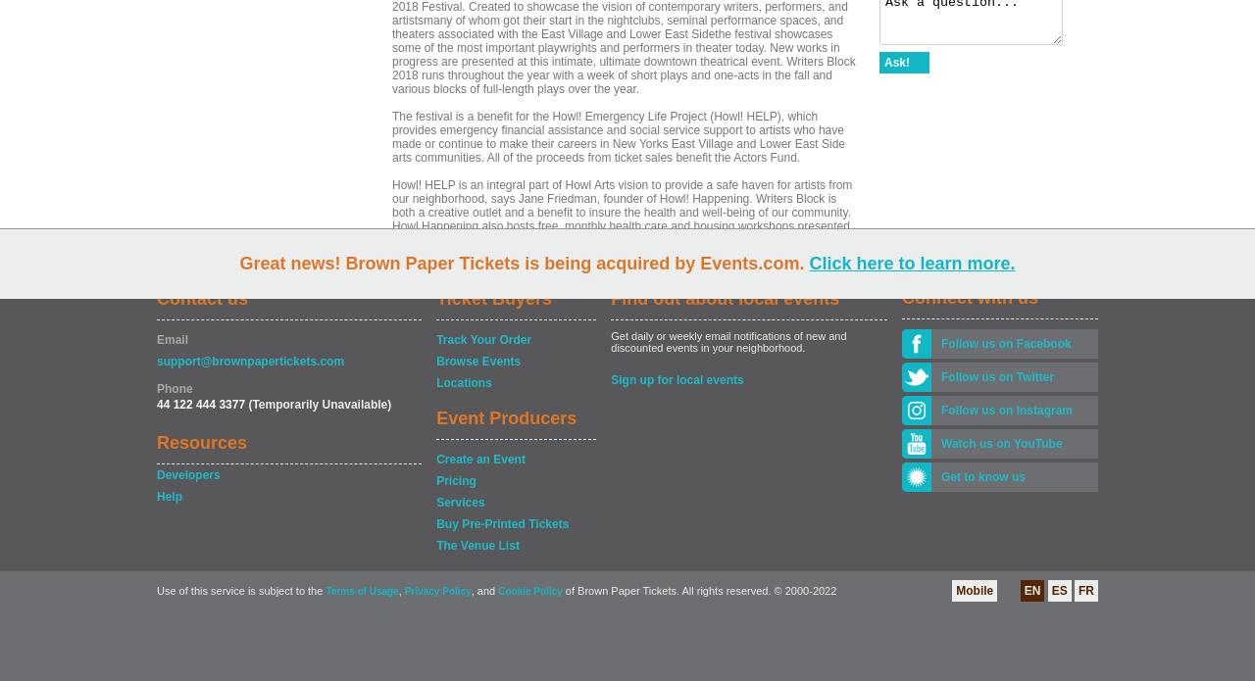  Describe the element at coordinates (621, 211) in the screenshot. I see `'Howl! HELP is an integral part of Howl Arts vision to provide a safe haven for artists from our neighborhood, says Jane Friedman, founder of Howl! Happening. Writers Block is both a creative outlet and a benefit to insure the health and well-being of our community. Howl Happening also hosts free, monthly health care and housing workshops presented by the Actors Fund. For information and updated schedule of events: howlarts.org.'` at that location.